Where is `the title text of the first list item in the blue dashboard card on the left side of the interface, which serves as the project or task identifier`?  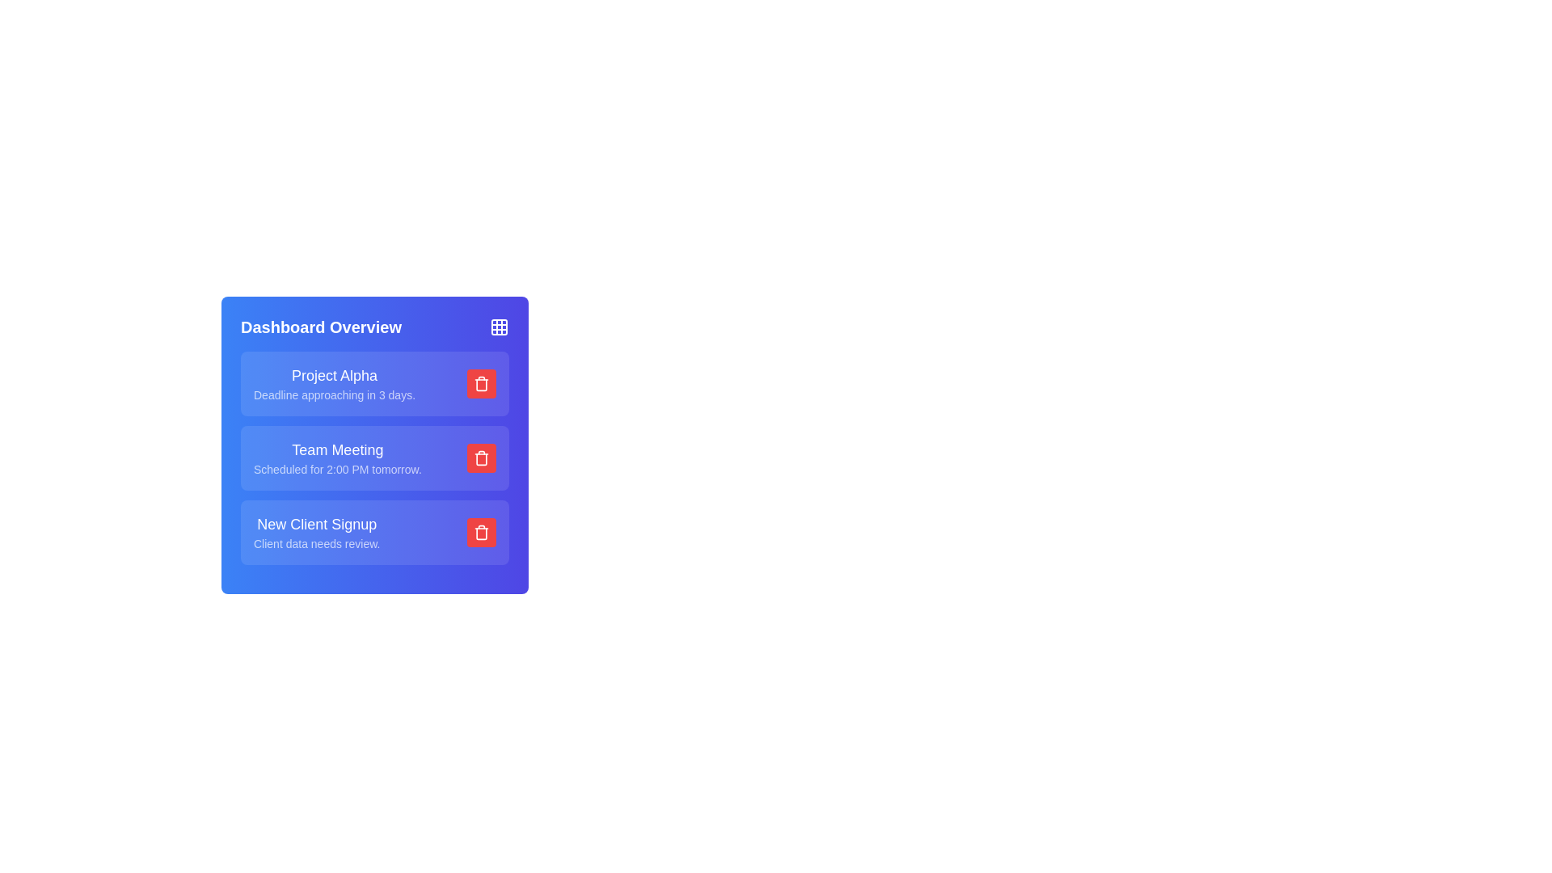
the title text of the first list item in the blue dashboard card on the left side of the interface, which serves as the project or task identifier is located at coordinates (333, 376).